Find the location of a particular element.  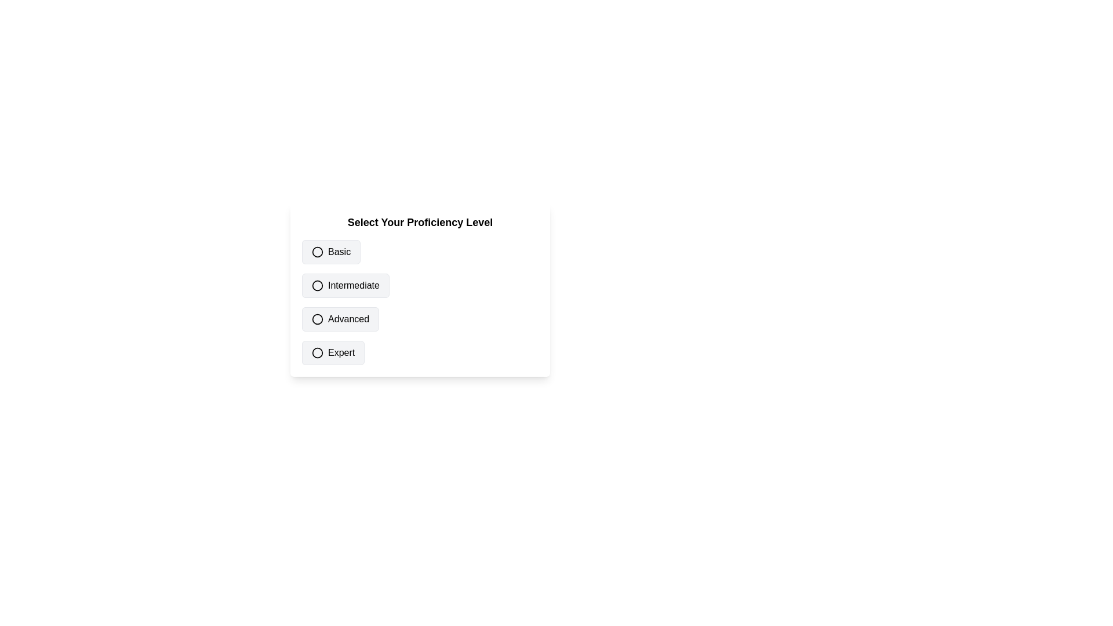

the unfilled radio button located to the left of the 'Basic' text in the proficiency selection interface to trigger highlighting effects is located at coordinates (317, 252).